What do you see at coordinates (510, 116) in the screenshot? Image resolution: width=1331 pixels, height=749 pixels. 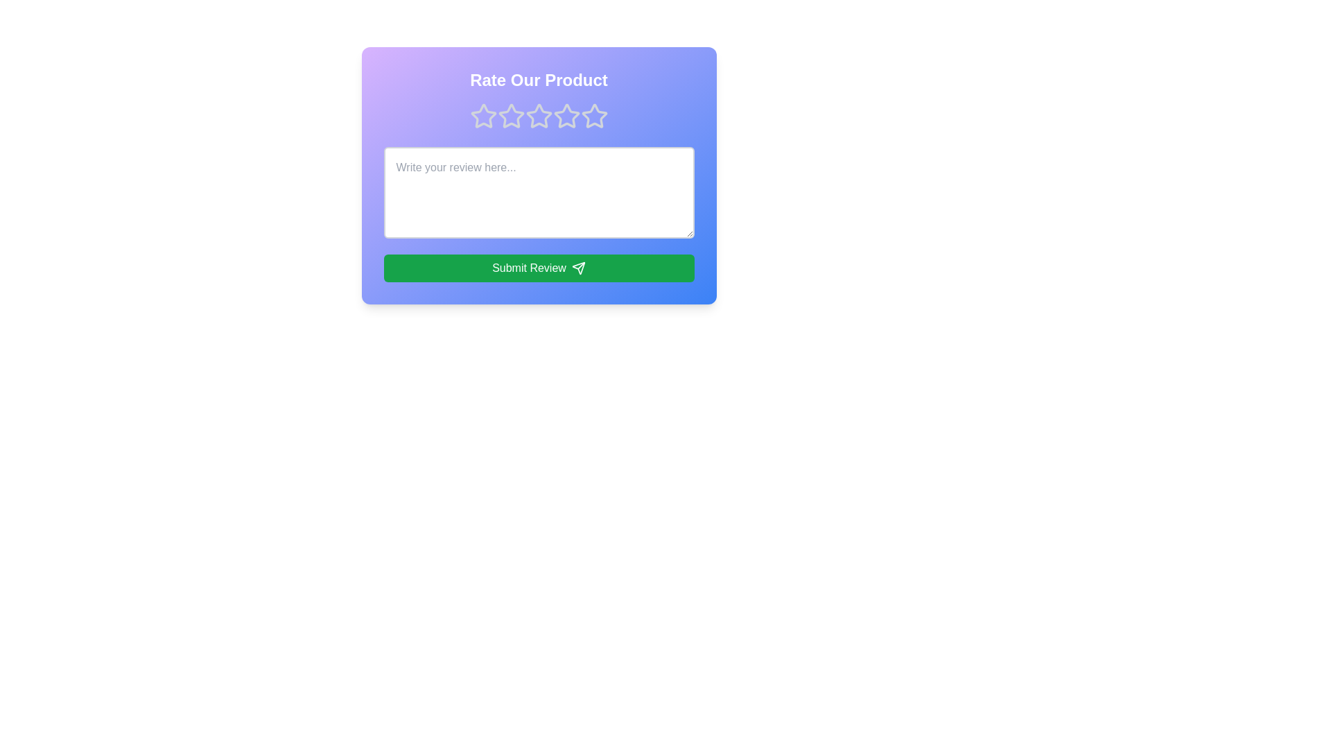 I see `the second star-shaped rating icon in the rating section` at bounding box center [510, 116].